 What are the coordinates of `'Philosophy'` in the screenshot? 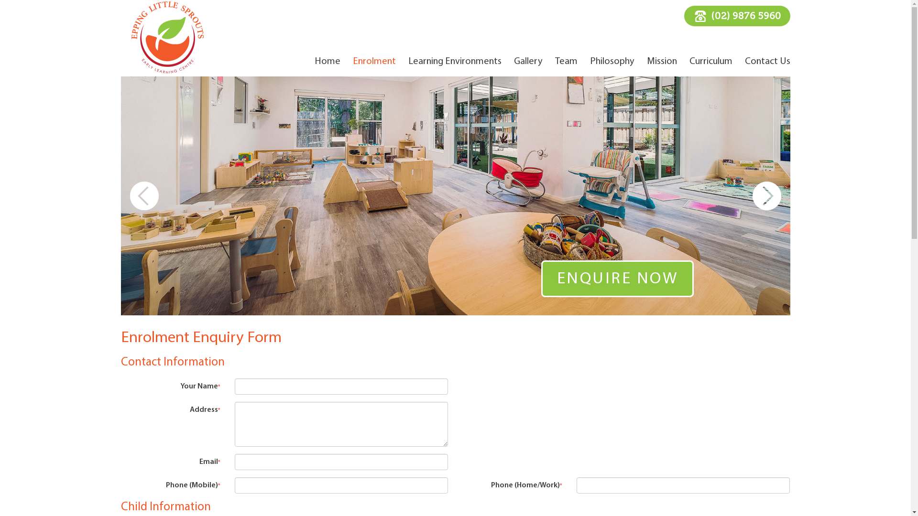 It's located at (612, 62).